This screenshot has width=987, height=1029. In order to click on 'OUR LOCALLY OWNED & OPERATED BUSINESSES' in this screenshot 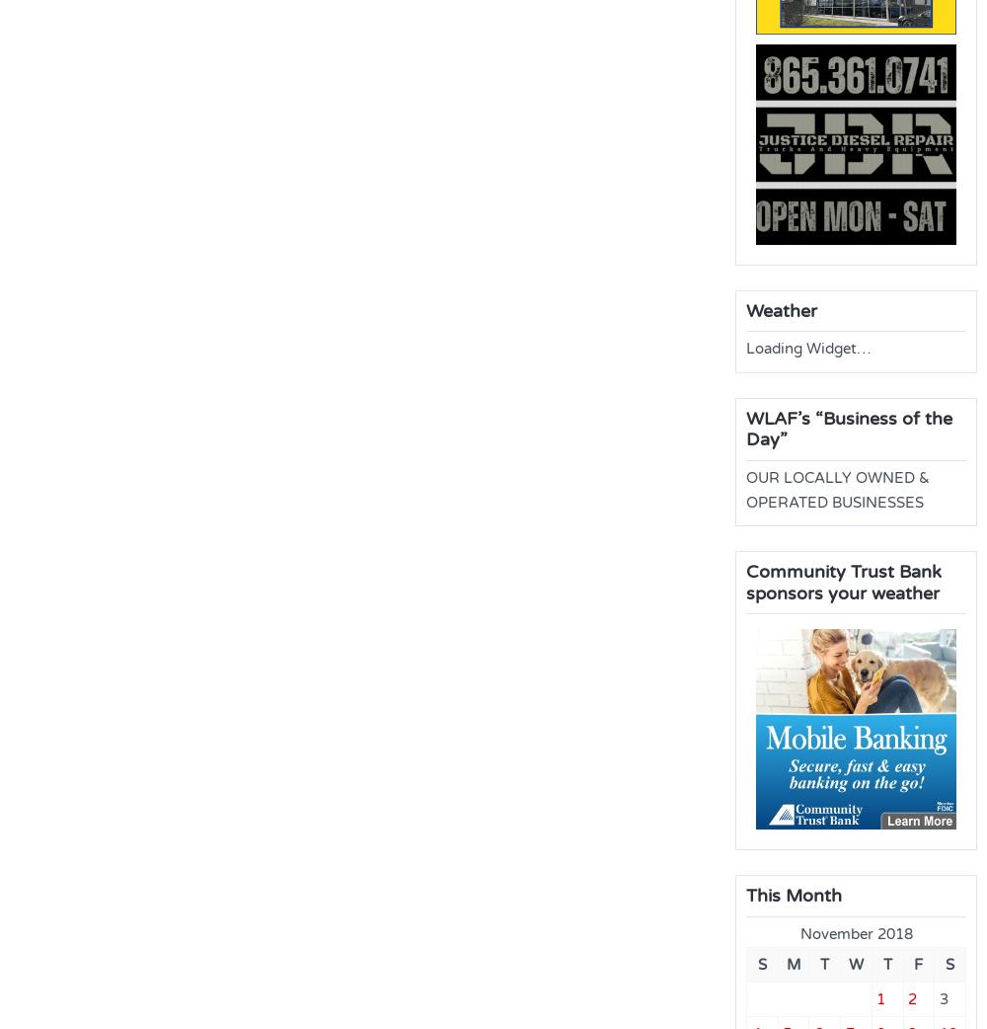, I will do `click(837, 489)`.